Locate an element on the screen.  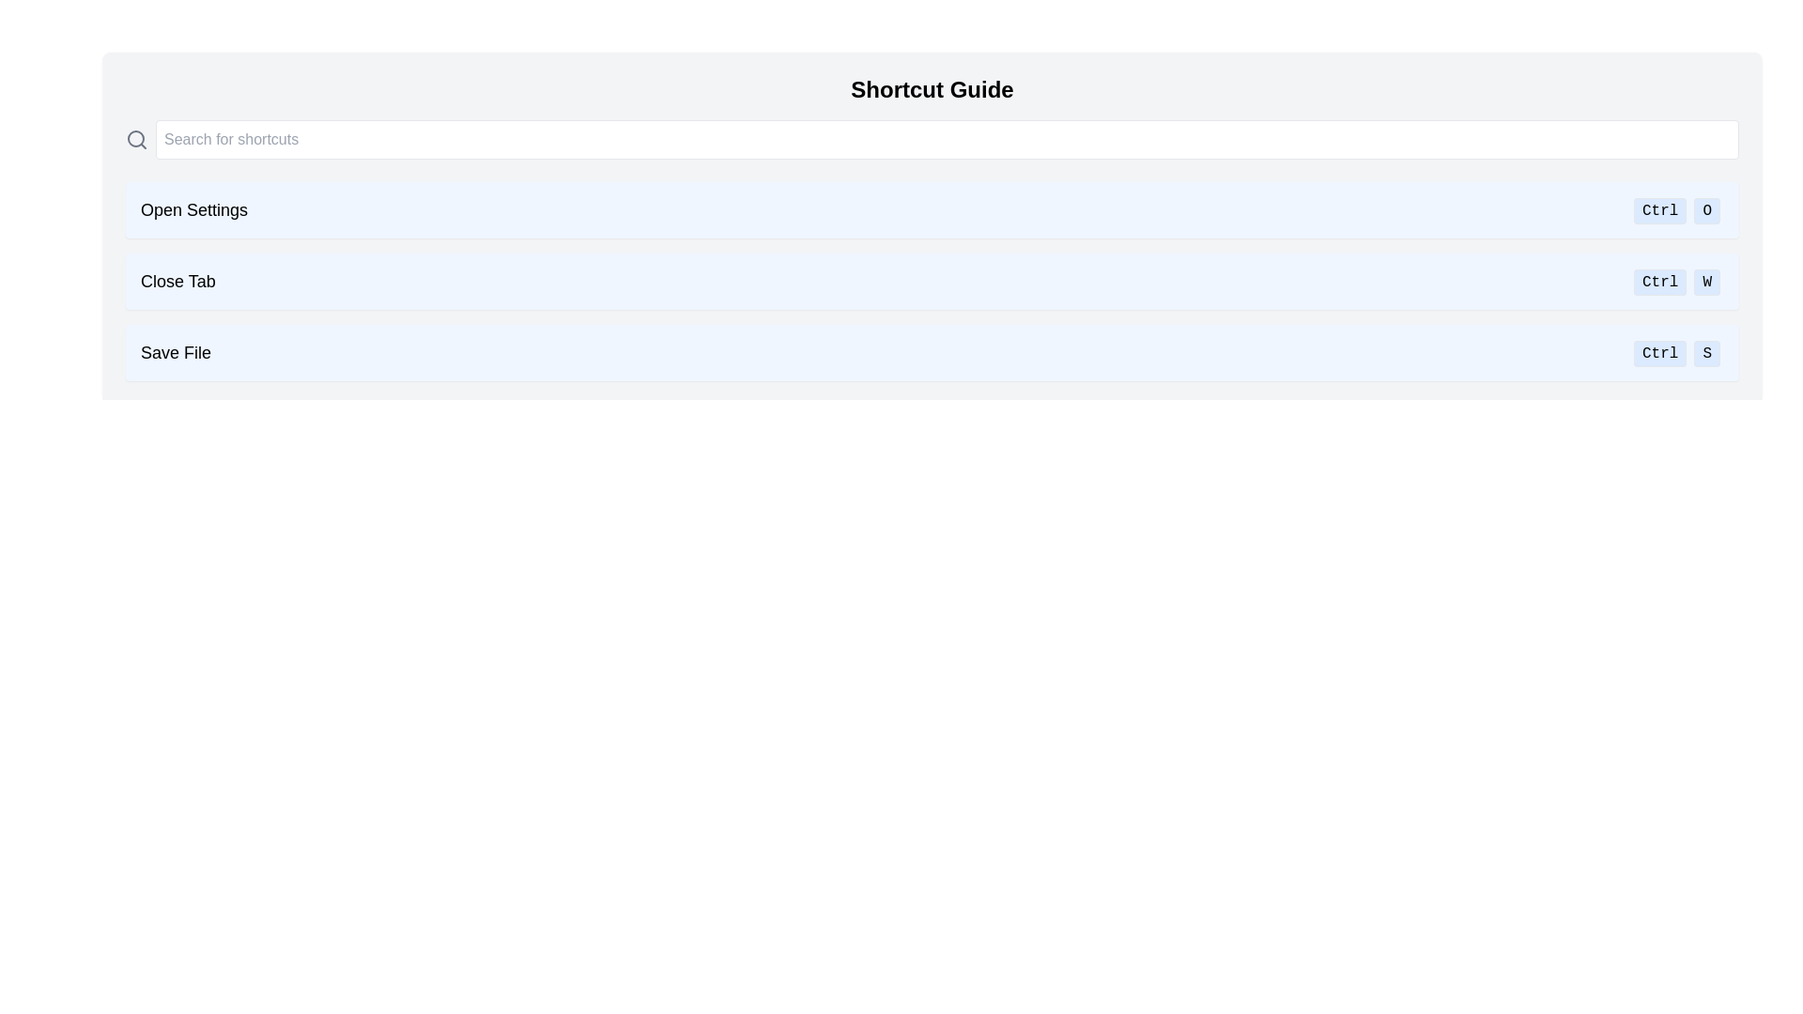
the 'Ctrl' text label, which has a light blue background and a rounded outline, located in the middle shortcut row for key combinations is located at coordinates (1660, 282).